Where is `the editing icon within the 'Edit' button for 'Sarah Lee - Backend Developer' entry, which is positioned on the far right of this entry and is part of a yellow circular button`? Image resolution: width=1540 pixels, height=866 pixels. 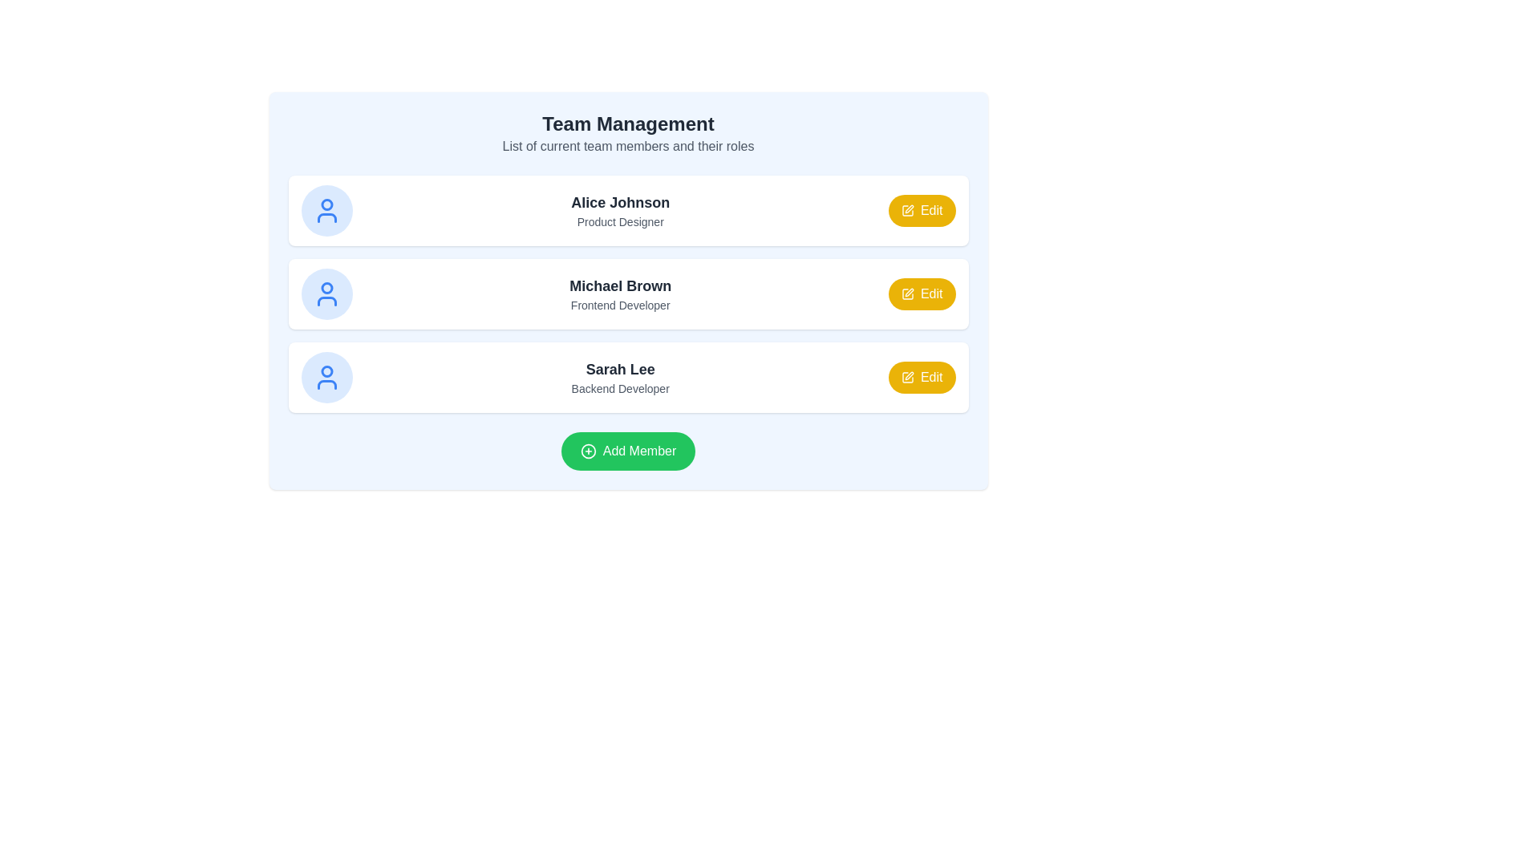
the editing icon within the 'Edit' button for 'Sarah Lee - Backend Developer' entry, which is positioned on the far right of this entry and is part of a yellow circular button is located at coordinates (909, 376).